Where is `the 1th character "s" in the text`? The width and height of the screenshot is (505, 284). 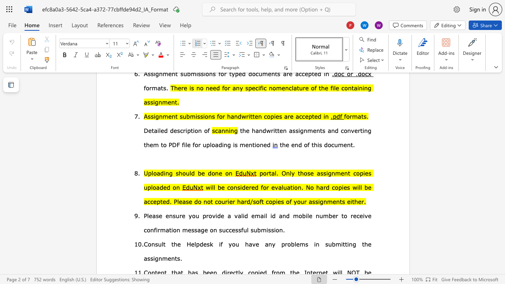
the 1th character "s" in the text is located at coordinates (177, 172).